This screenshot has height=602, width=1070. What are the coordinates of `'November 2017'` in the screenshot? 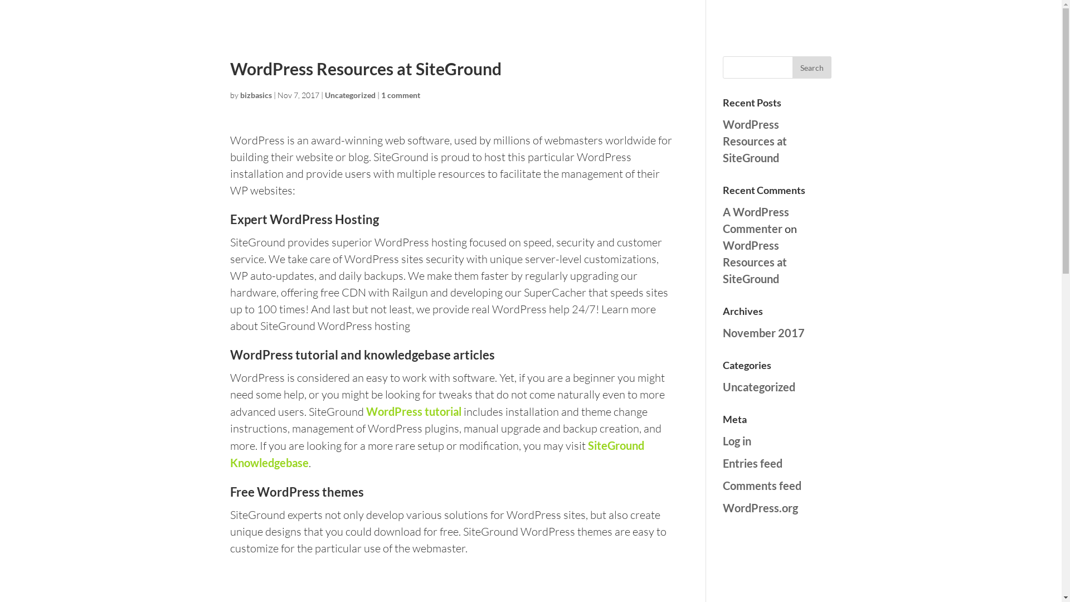 It's located at (763, 332).